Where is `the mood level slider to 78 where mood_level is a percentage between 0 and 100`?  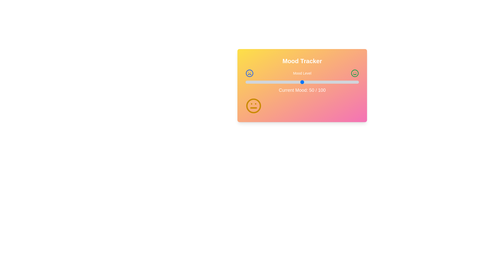 the mood level slider to 78 where mood_level is a percentage between 0 and 100 is located at coordinates (334, 82).